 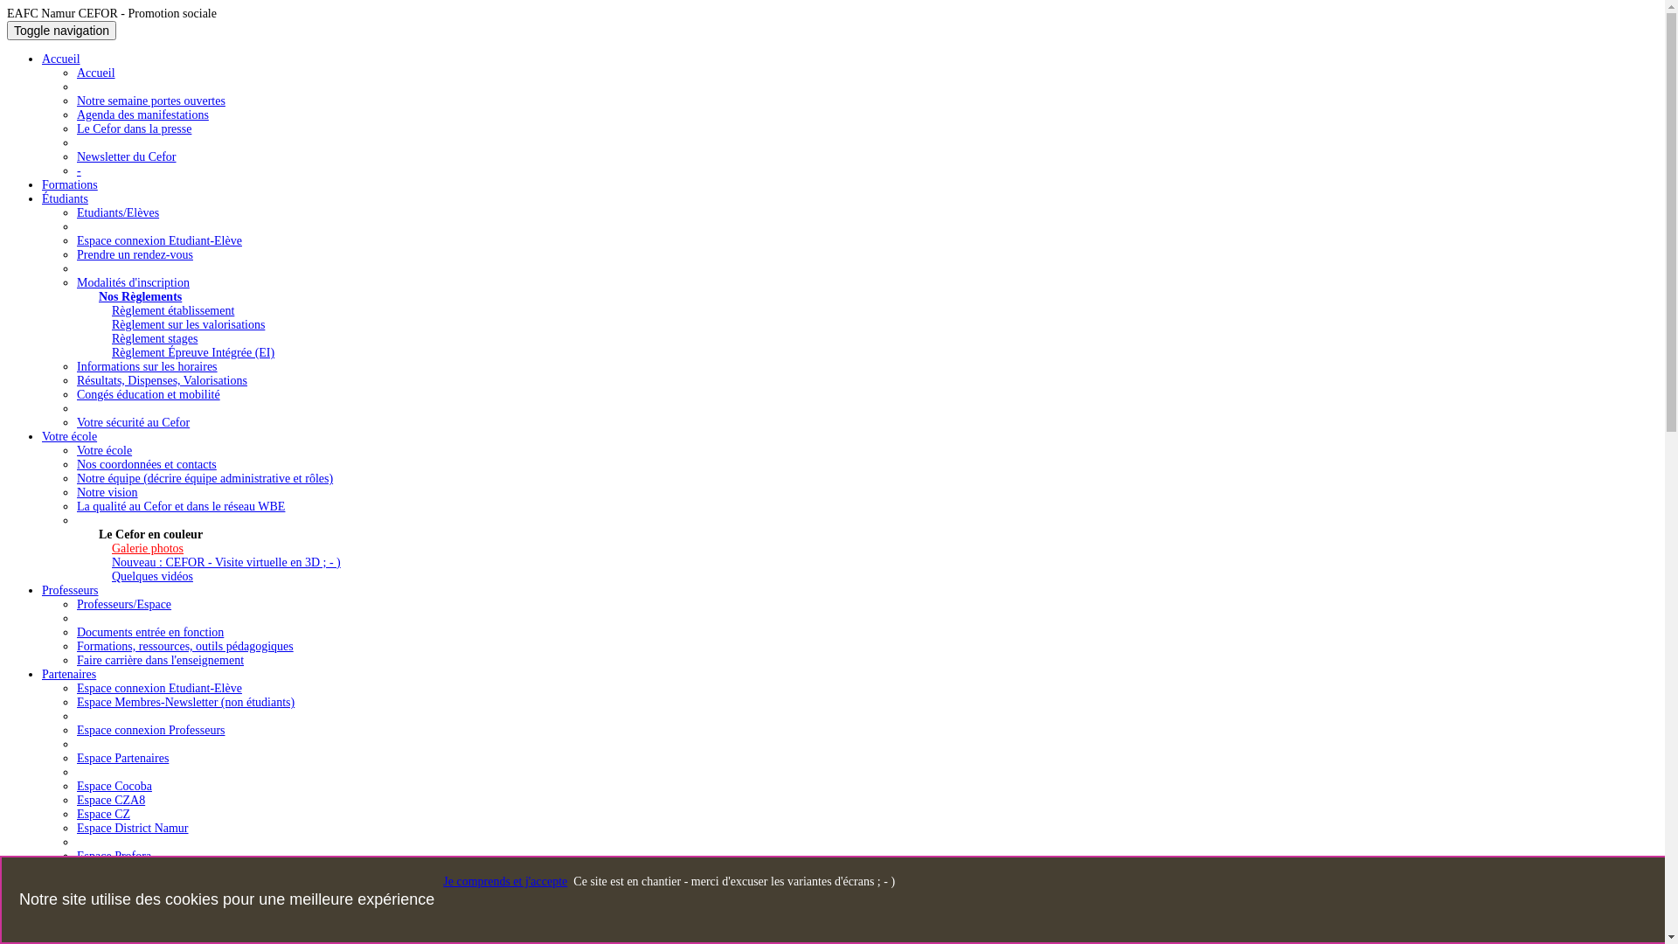 I want to click on 'Newsletter du Cefor', so click(x=75, y=156).